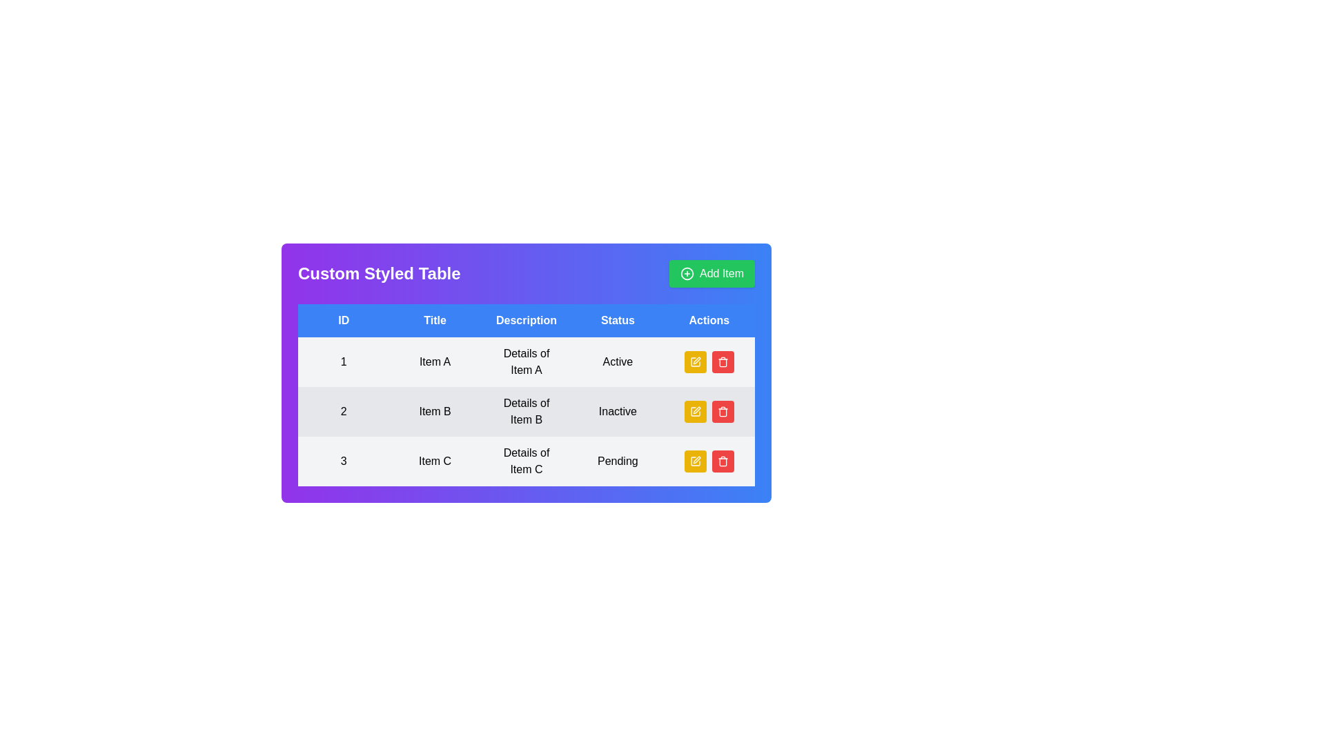 The image size is (1325, 745). What do you see at coordinates (695, 461) in the screenshot?
I see `the edit button in the 'Actions' column of the third row corresponding to 'Item C'` at bounding box center [695, 461].